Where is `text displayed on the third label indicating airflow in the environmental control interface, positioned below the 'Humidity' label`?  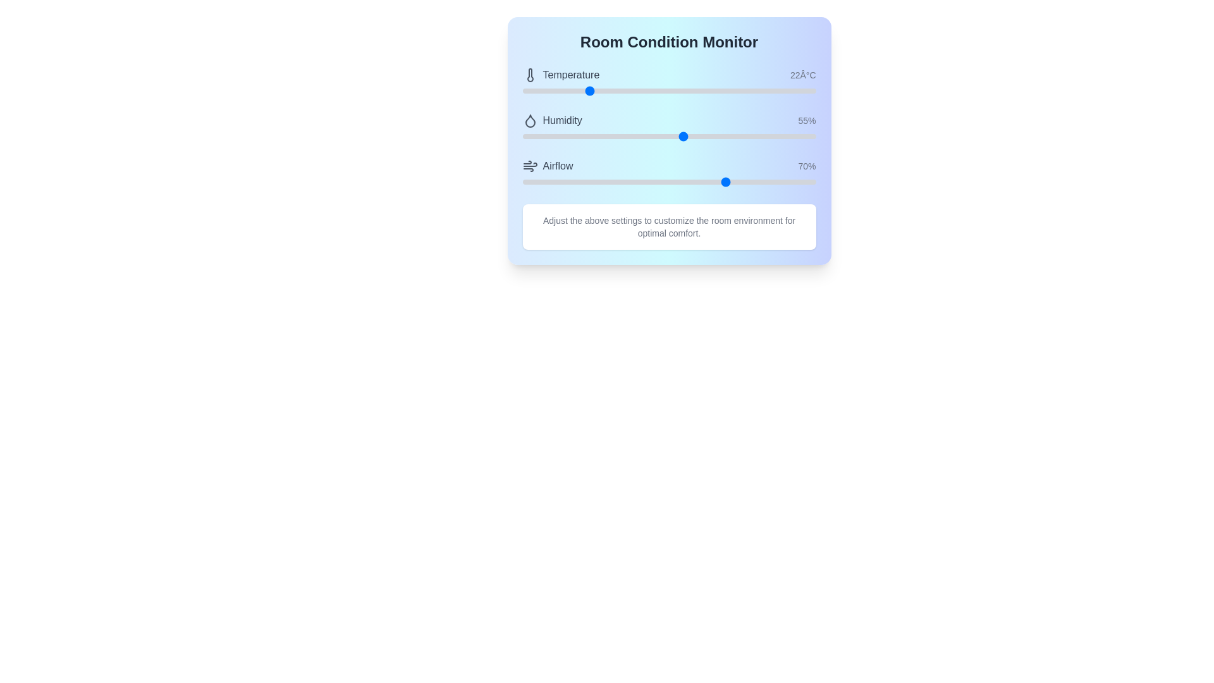
text displayed on the third label indicating airflow in the environmental control interface, positioned below the 'Humidity' label is located at coordinates (557, 165).